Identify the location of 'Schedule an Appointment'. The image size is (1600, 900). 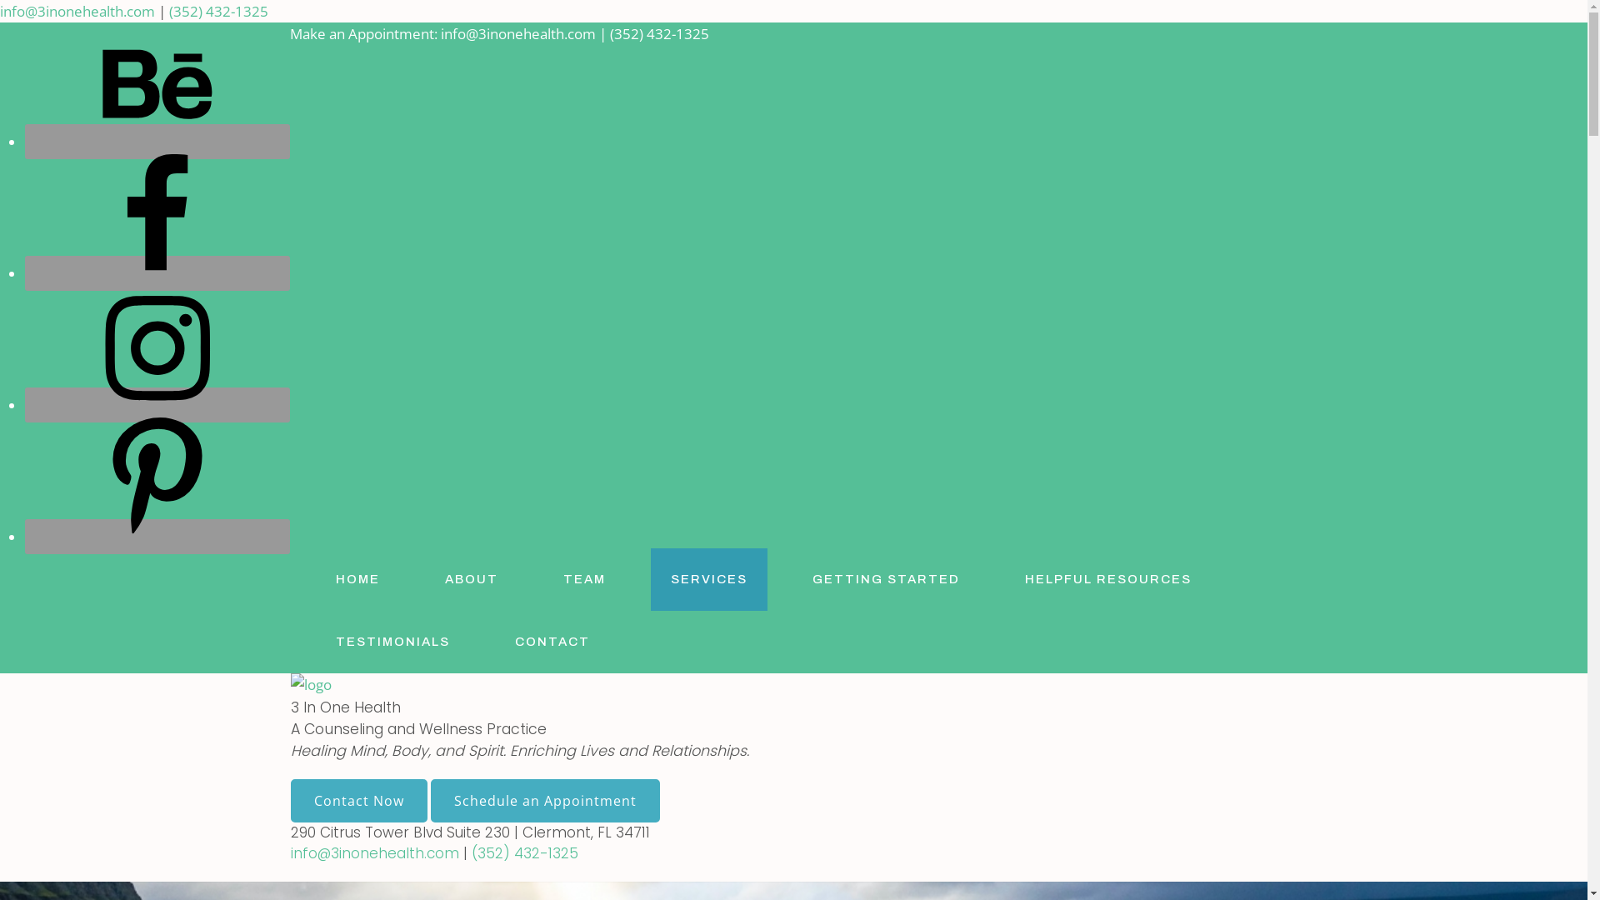
(544, 799).